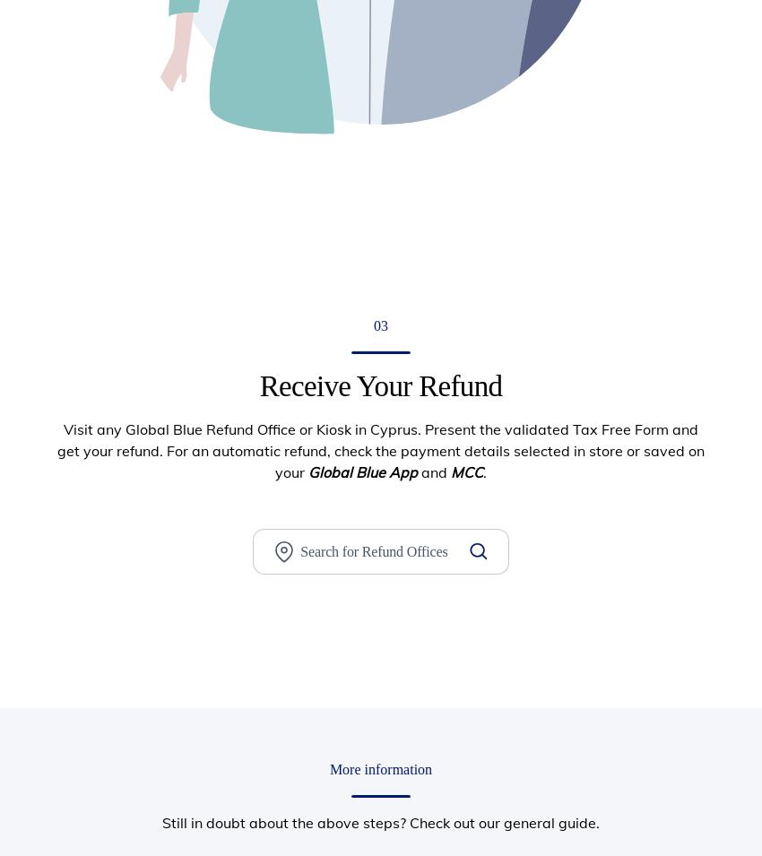  What do you see at coordinates (436, 606) in the screenshot?
I see `'Help & Support'` at bounding box center [436, 606].